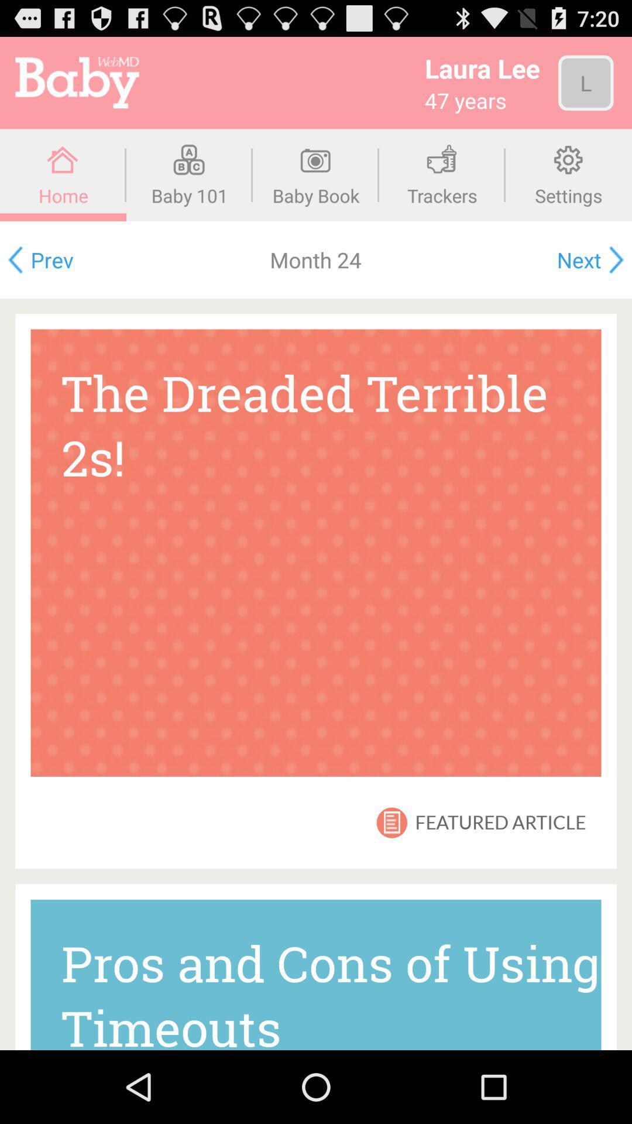 The image size is (632, 1124). What do you see at coordinates (316, 975) in the screenshot?
I see `the pros and cons` at bounding box center [316, 975].